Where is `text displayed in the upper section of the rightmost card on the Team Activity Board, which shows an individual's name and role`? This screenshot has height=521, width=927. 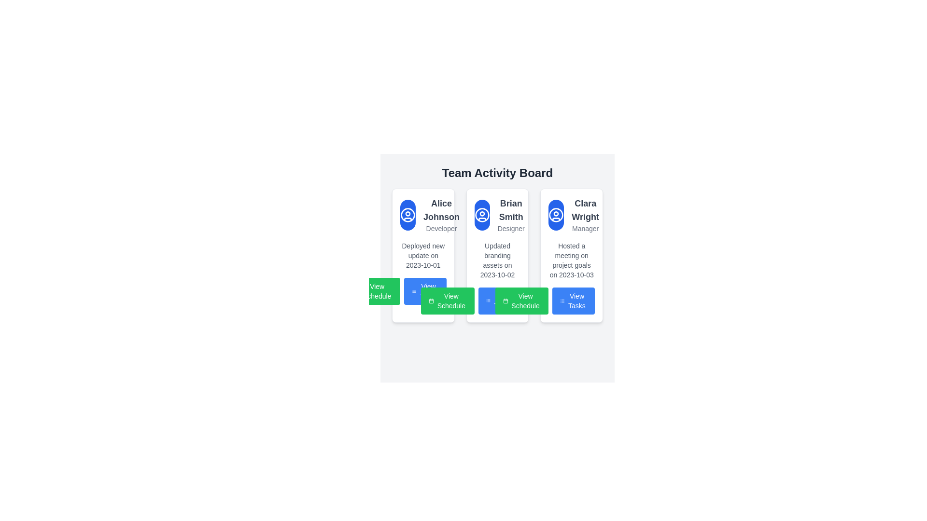 text displayed in the upper section of the rightmost card on the Team Activity Board, which shows an individual's name and role is located at coordinates (585, 215).